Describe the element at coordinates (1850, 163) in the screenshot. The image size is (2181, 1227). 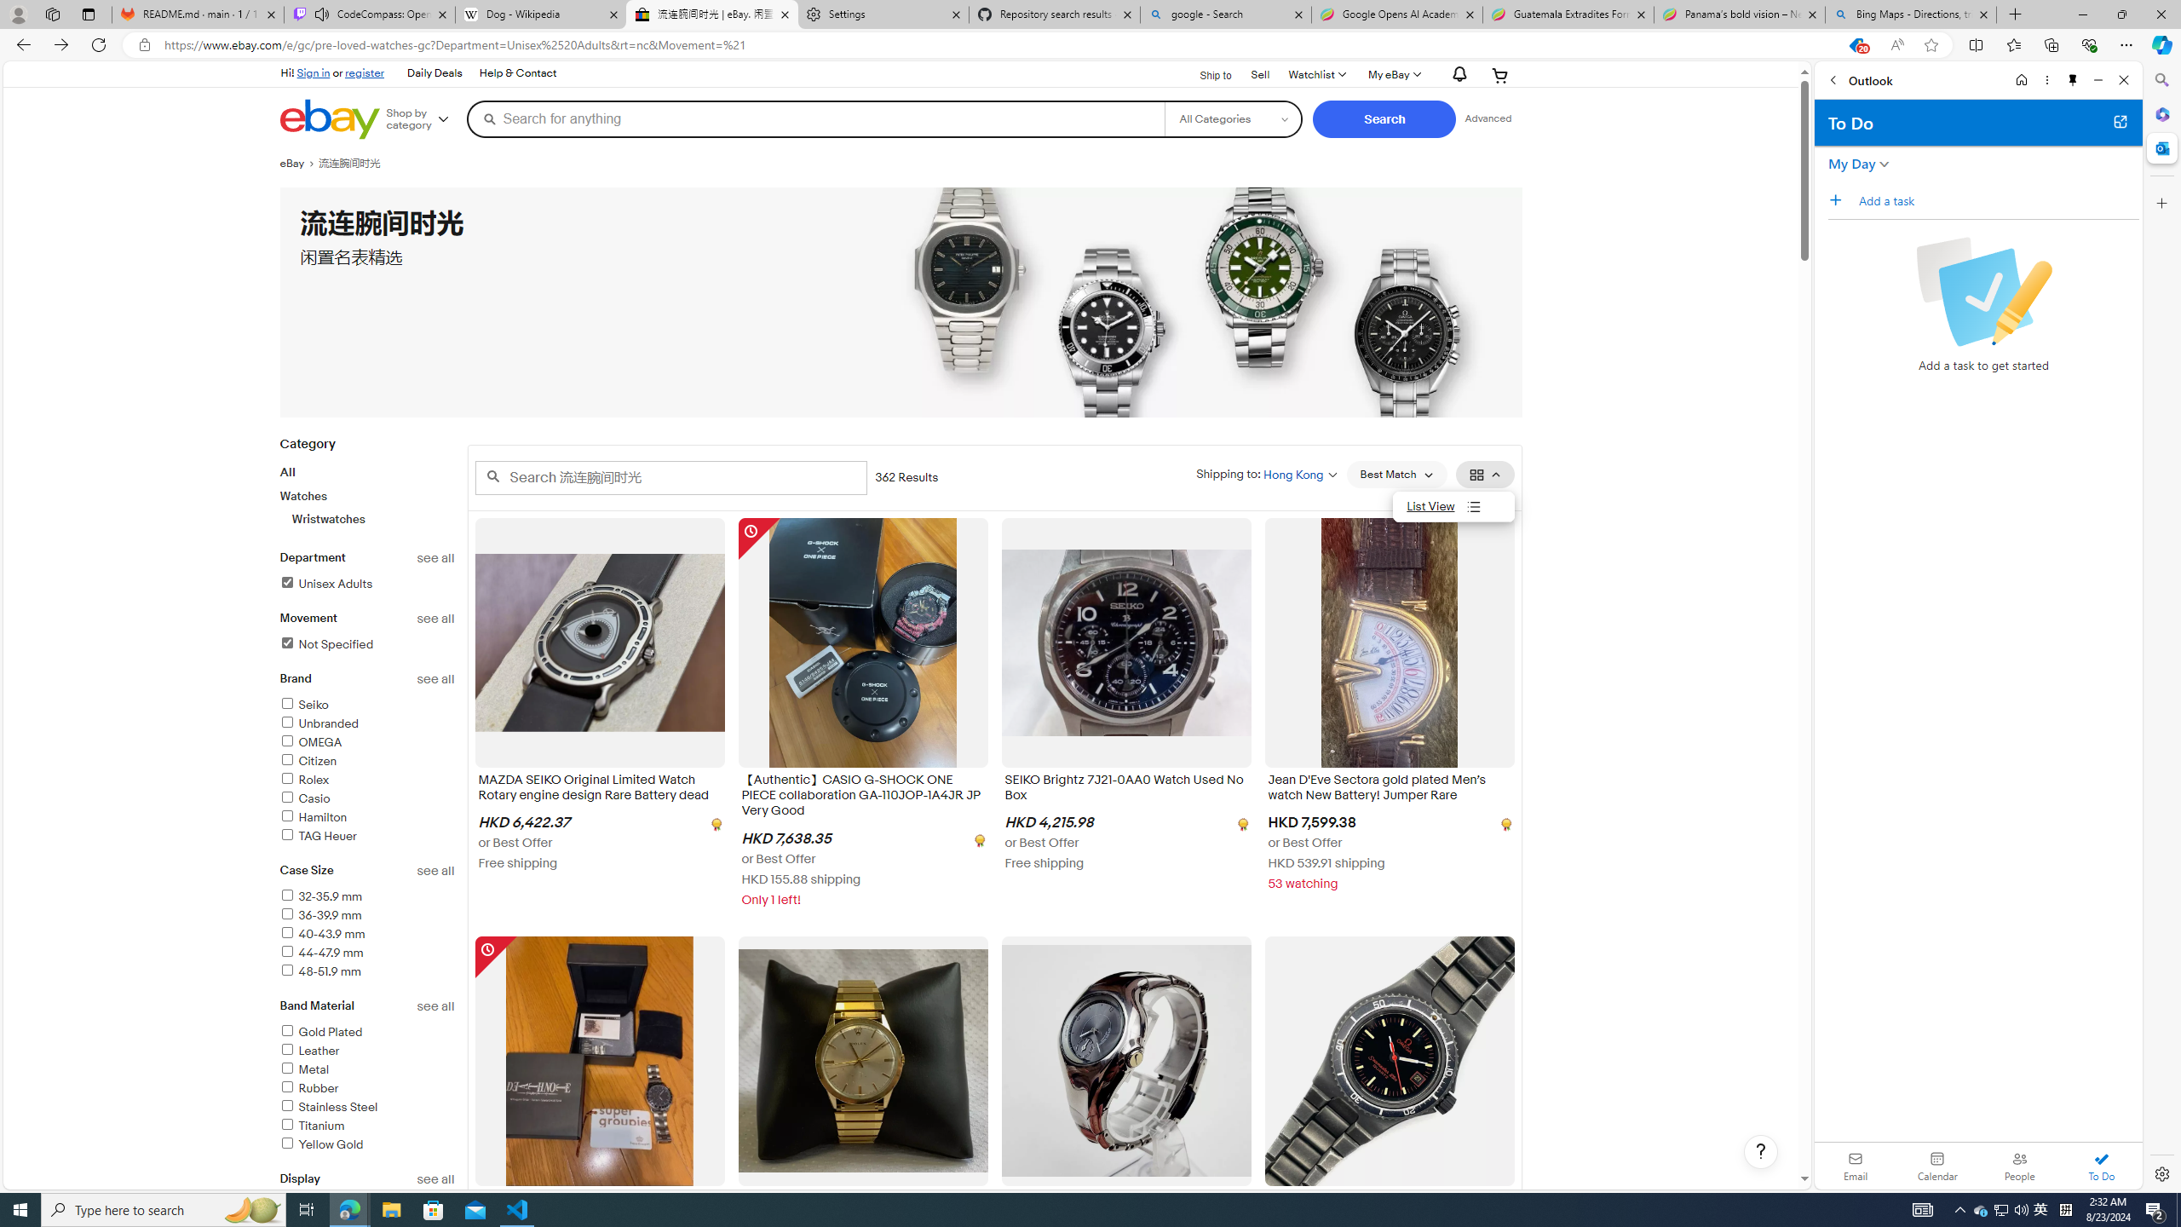
I see `'My Day'` at that location.